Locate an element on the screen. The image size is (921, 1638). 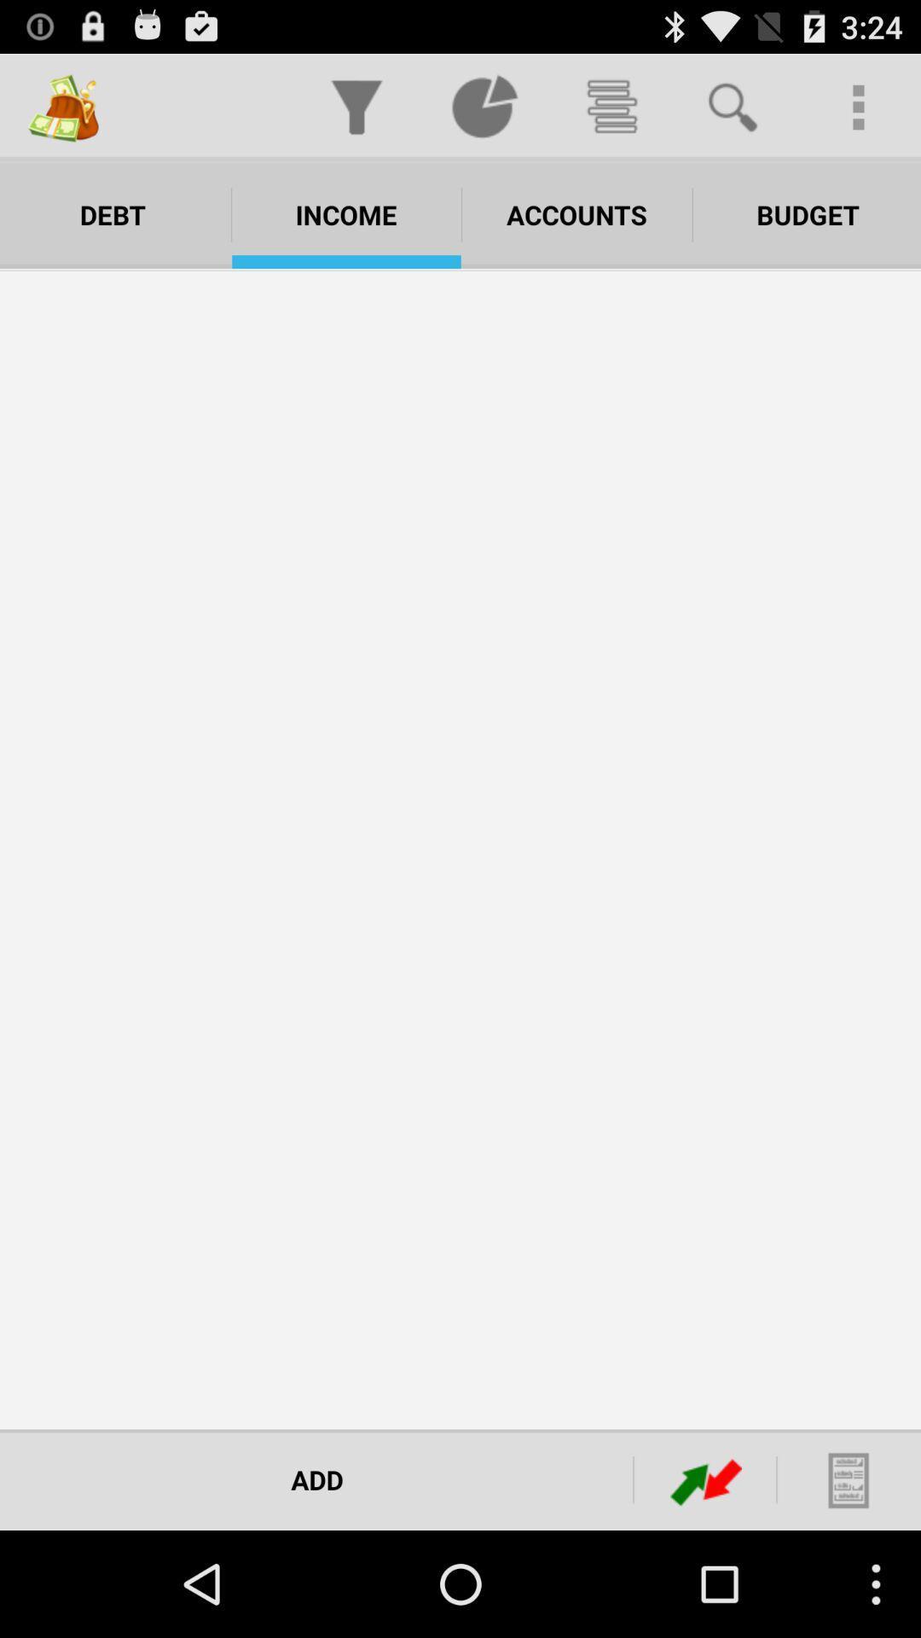
the swap icon is located at coordinates (706, 1583).